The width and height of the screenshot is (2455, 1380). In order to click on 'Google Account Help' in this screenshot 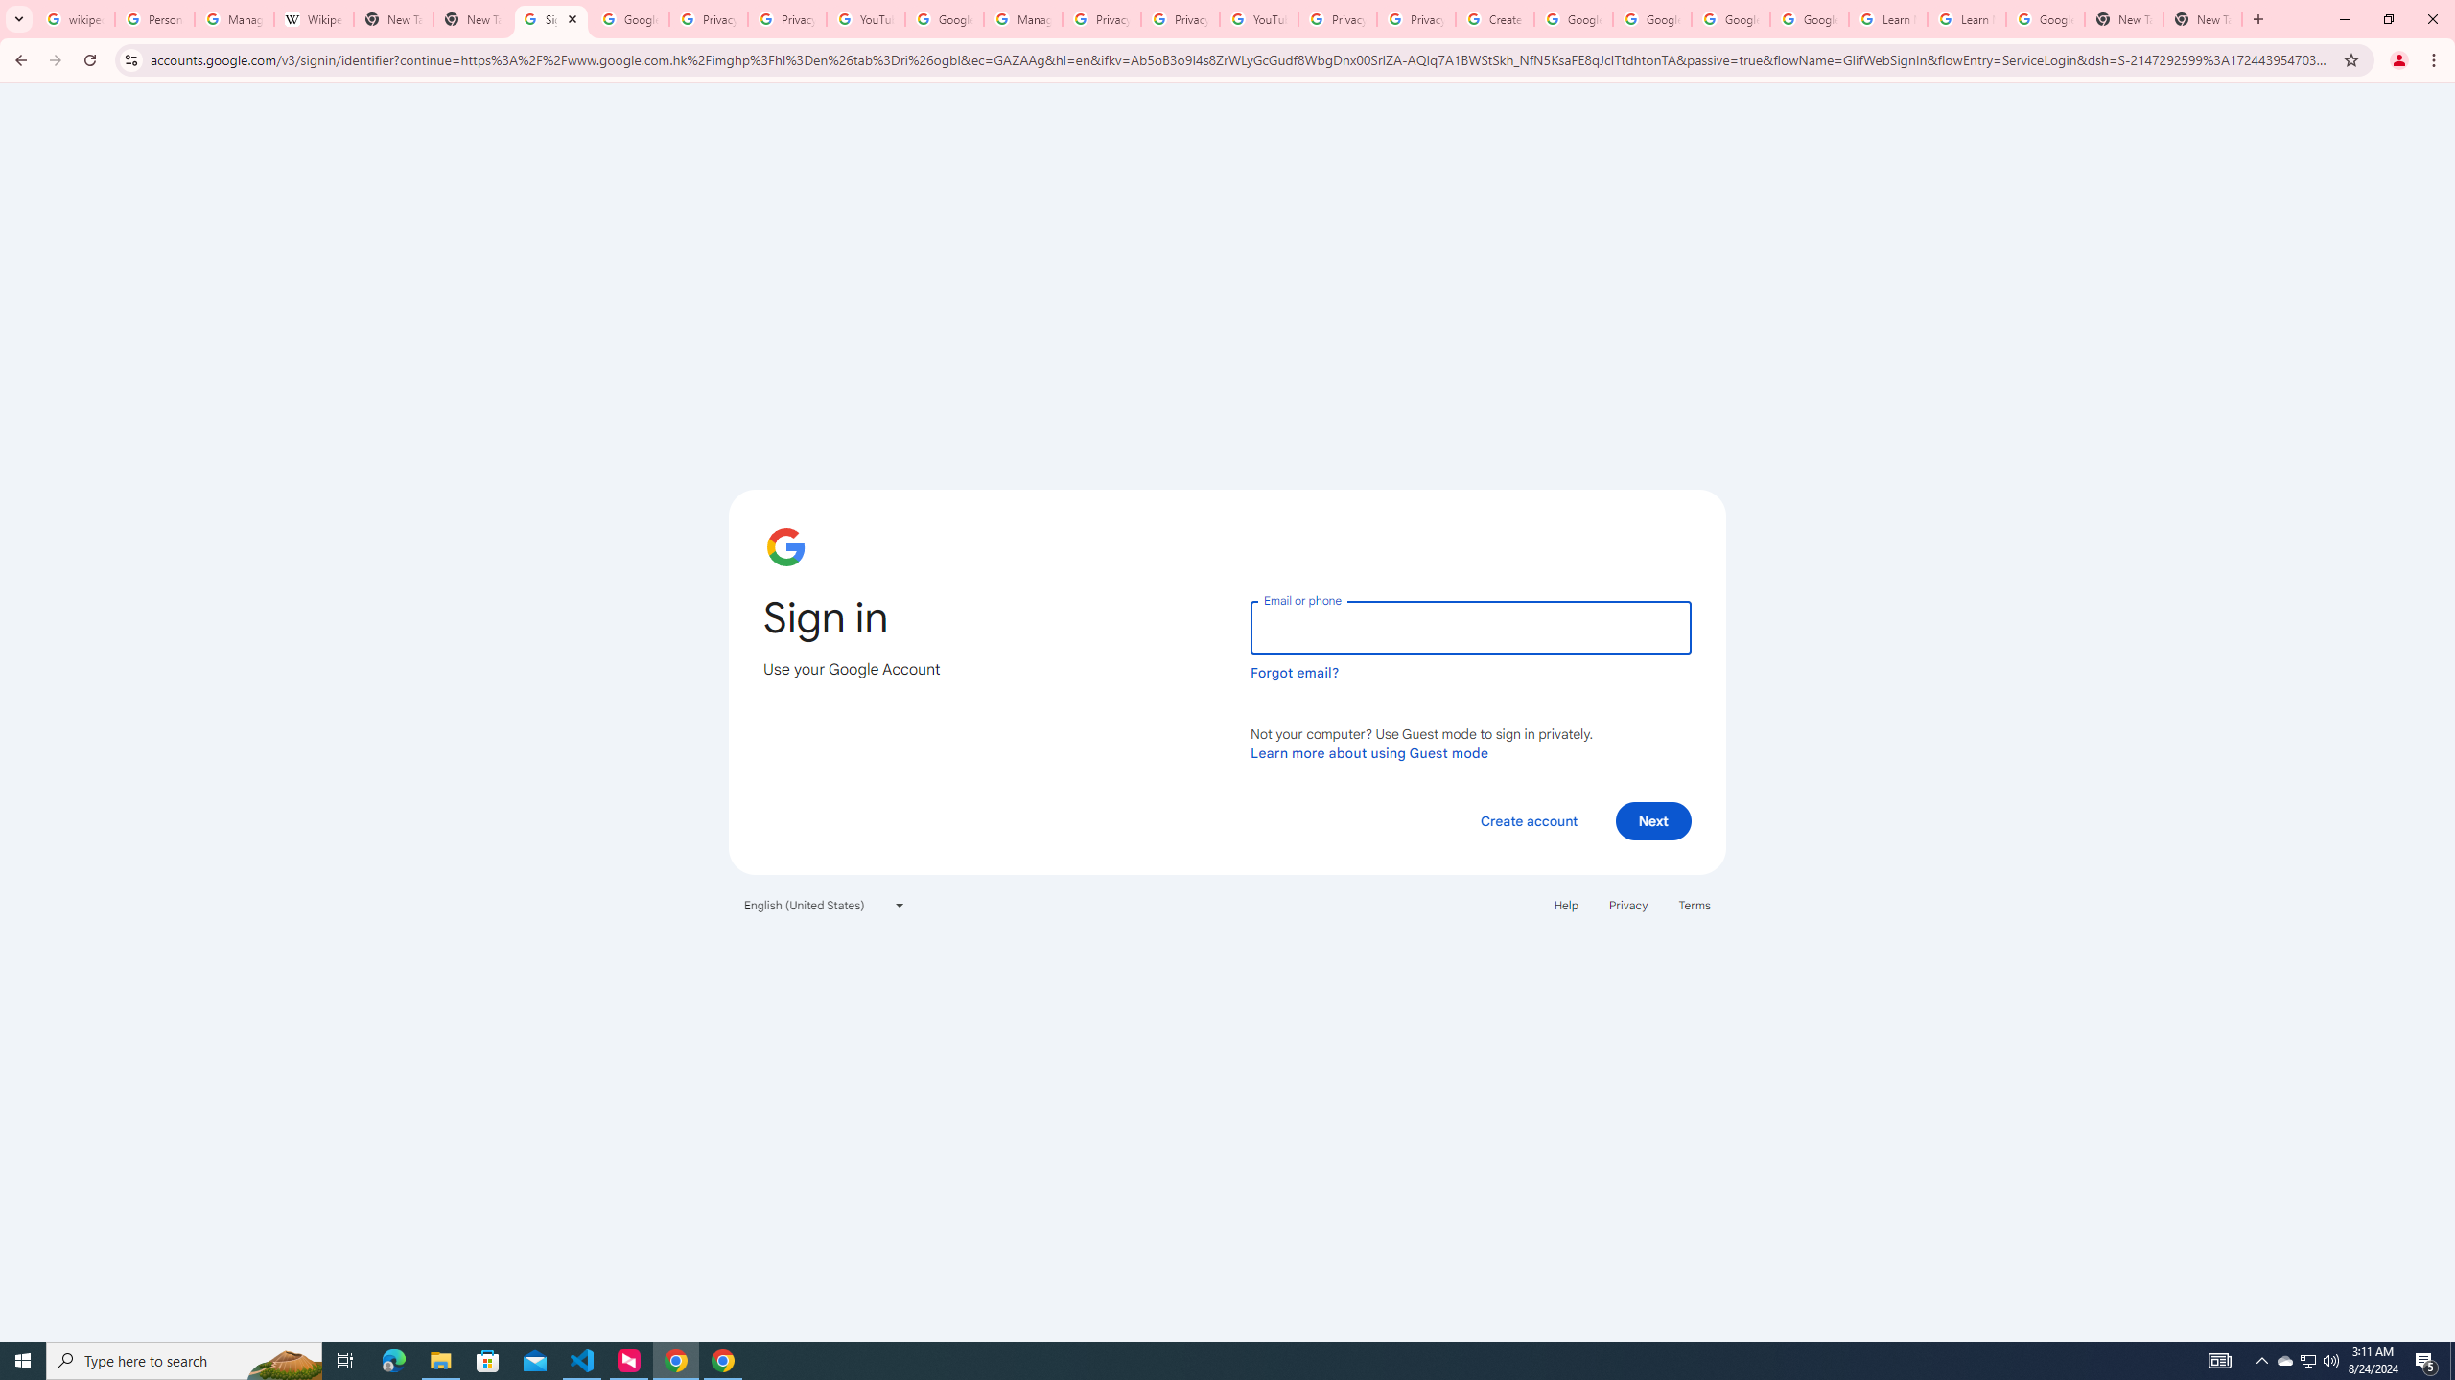, I will do `click(1731, 18)`.